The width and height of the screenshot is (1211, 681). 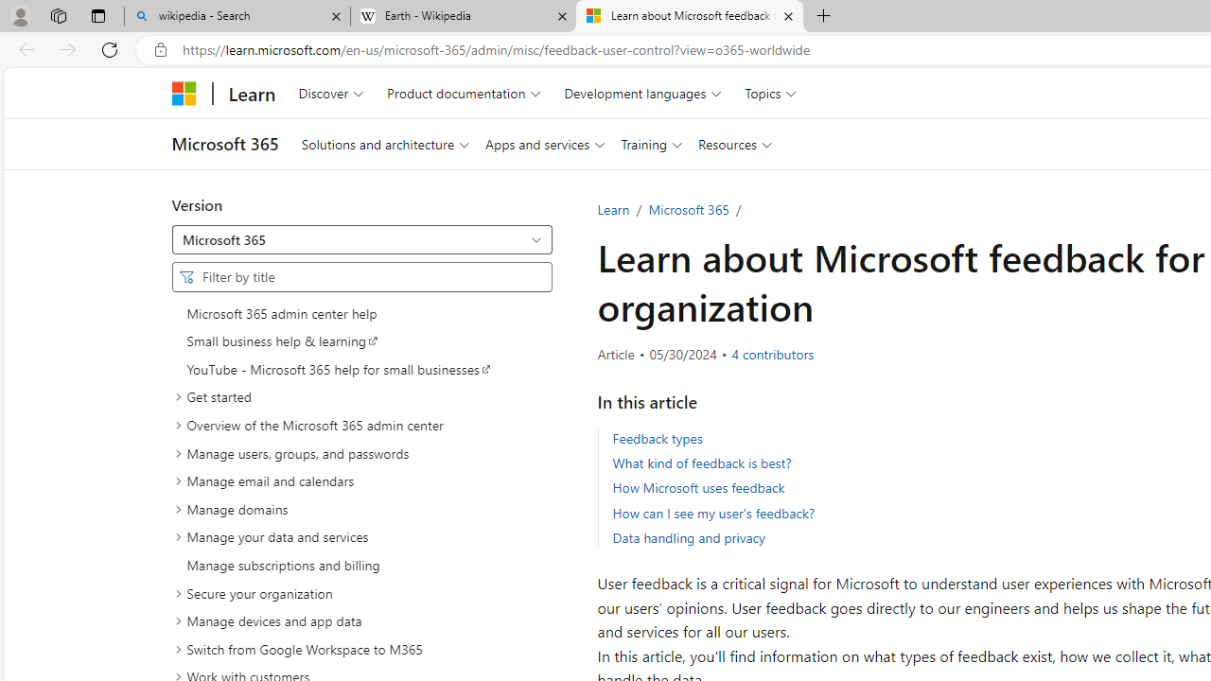 What do you see at coordinates (687, 209) in the screenshot?
I see `'Microsoft 365'` at bounding box center [687, 209].